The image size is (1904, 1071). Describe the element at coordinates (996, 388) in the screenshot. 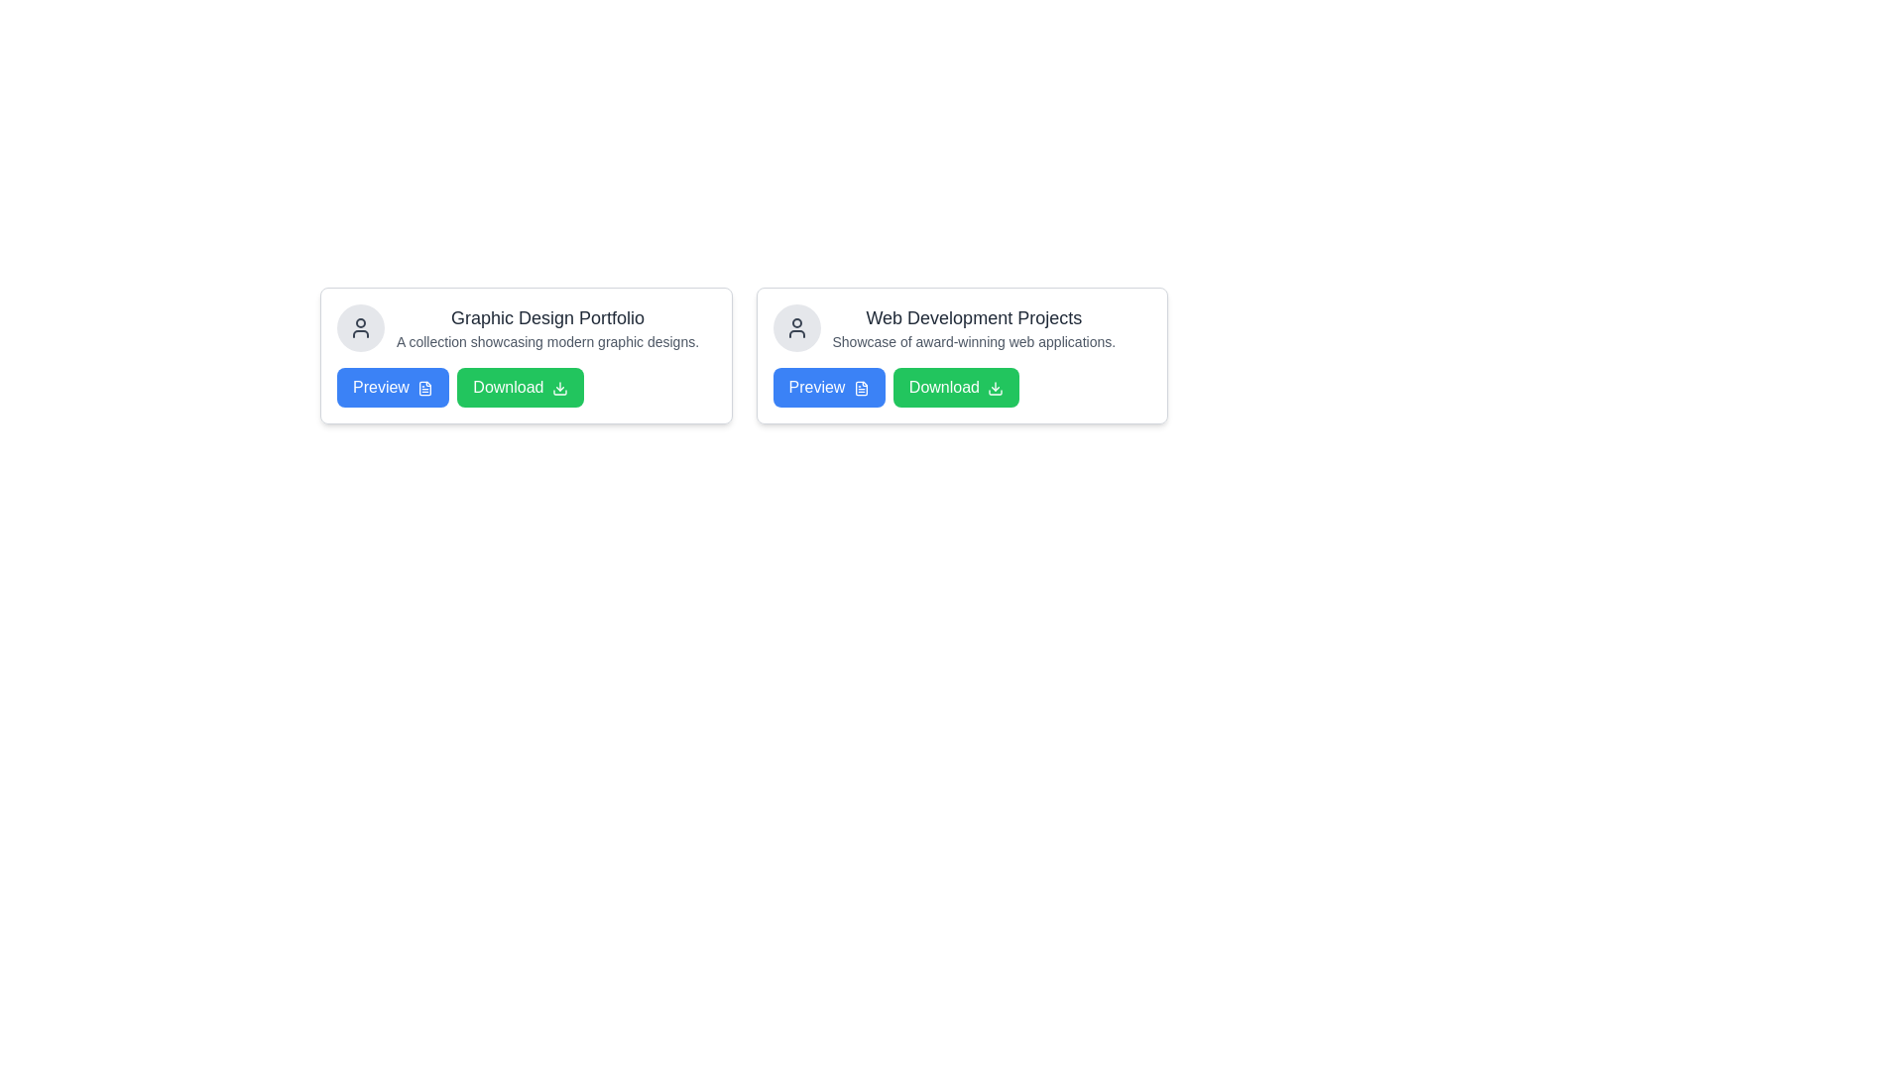

I see `the download icon located within the 'Download' button below the 'Web Development Projects' card for visual interaction effects` at that location.